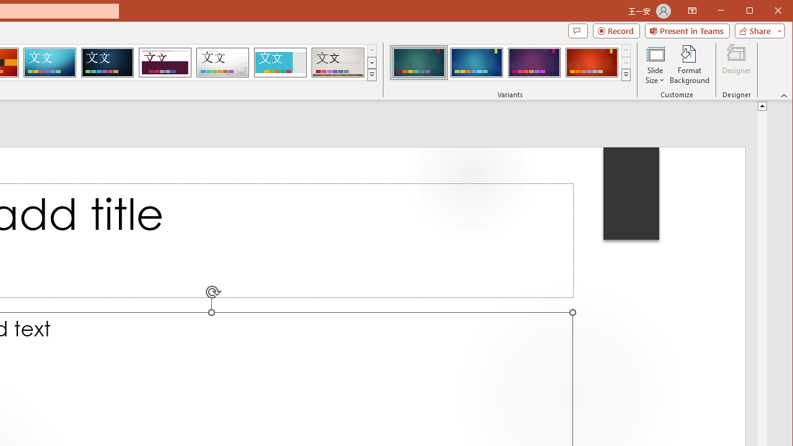 The height and width of the screenshot is (446, 793). I want to click on 'Ion Variant 2', so click(476, 62).